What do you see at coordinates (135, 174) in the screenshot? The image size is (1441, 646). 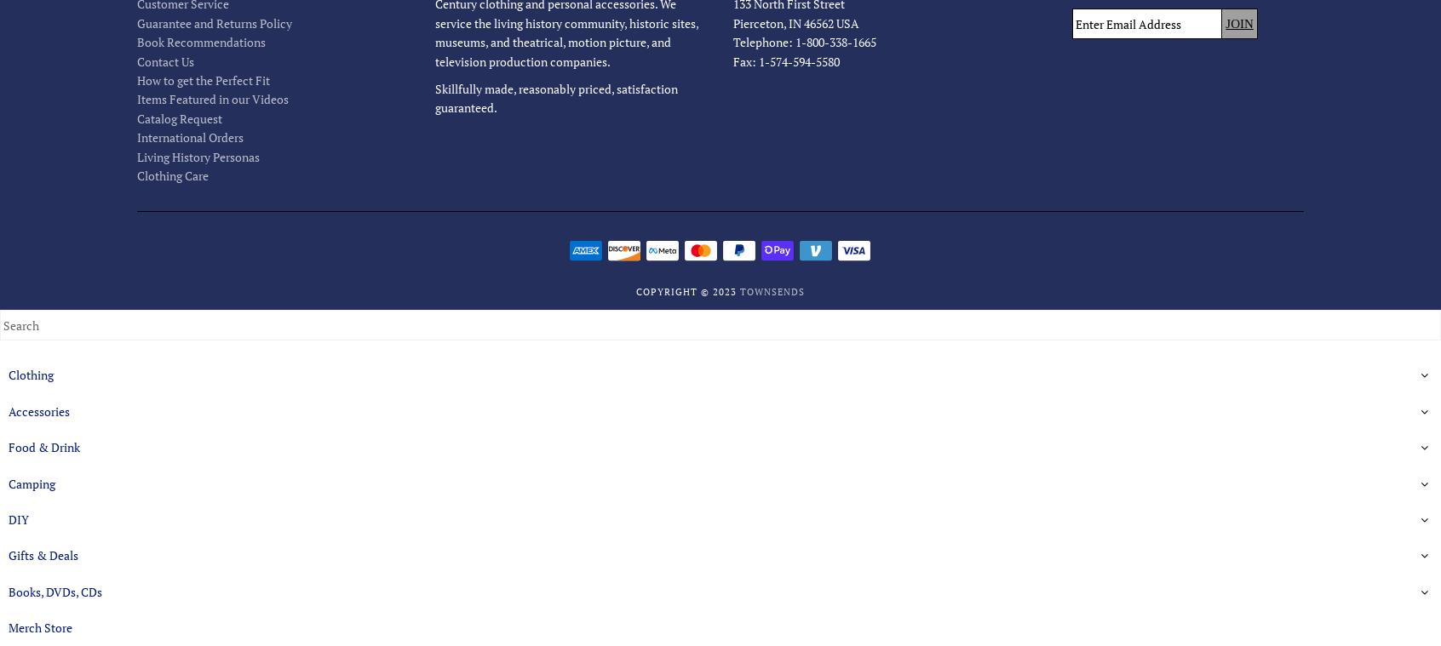 I see `'Clothing Care'` at bounding box center [135, 174].